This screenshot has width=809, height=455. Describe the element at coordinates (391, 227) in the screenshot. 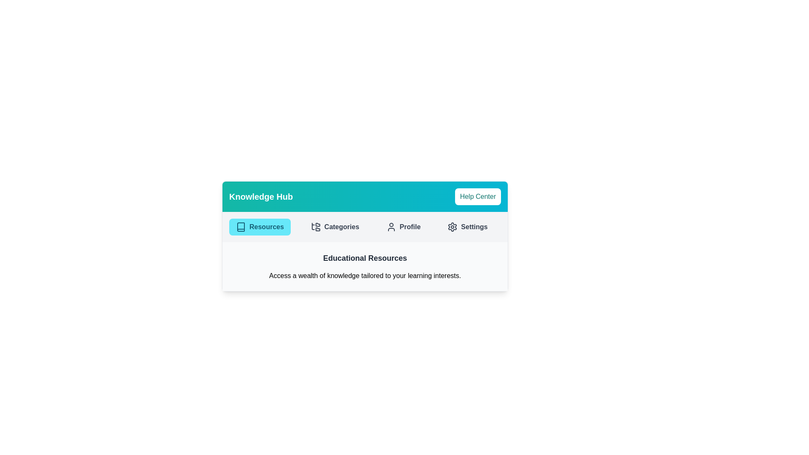

I see `the user profile icon, which is a silhouette of a person, located centrally in the 'Profile' button adjacent to the text 'Profile' in the navigation menu` at that location.